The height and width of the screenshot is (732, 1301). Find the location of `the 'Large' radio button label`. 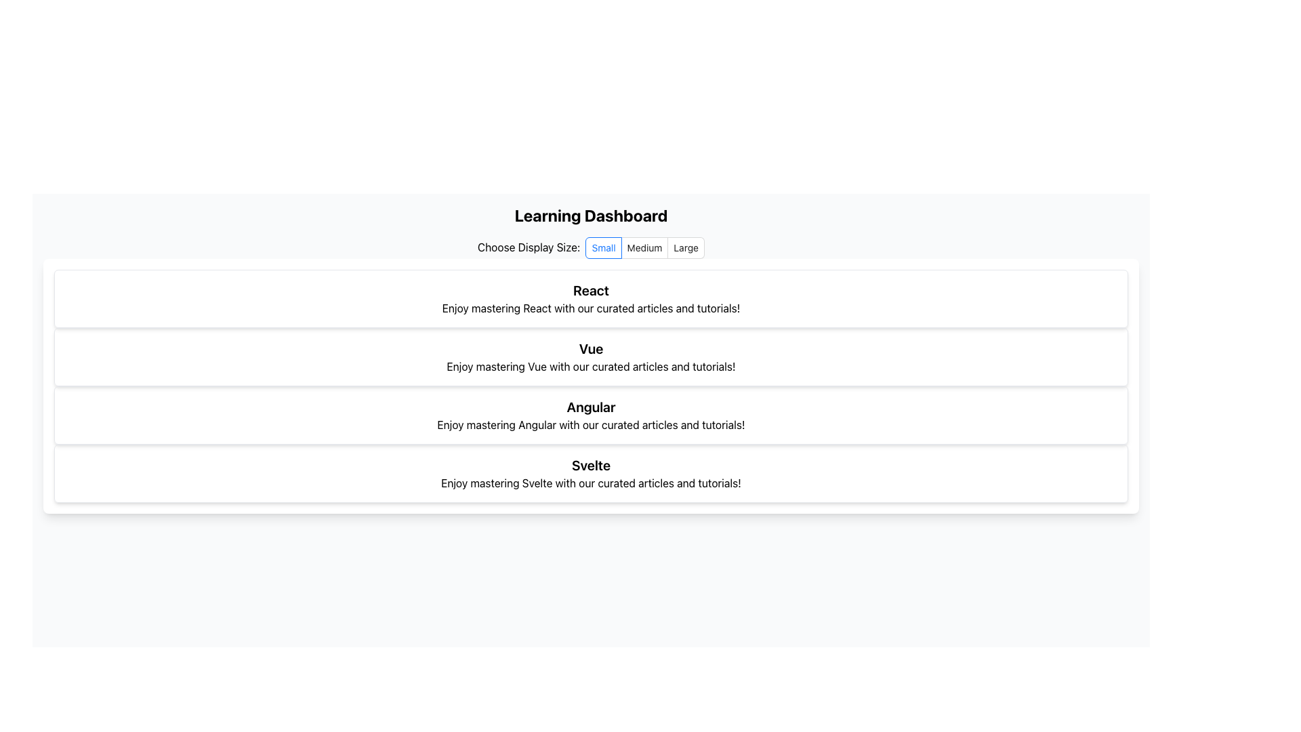

the 'Large' radio button label is located at coordinates (686, 247).